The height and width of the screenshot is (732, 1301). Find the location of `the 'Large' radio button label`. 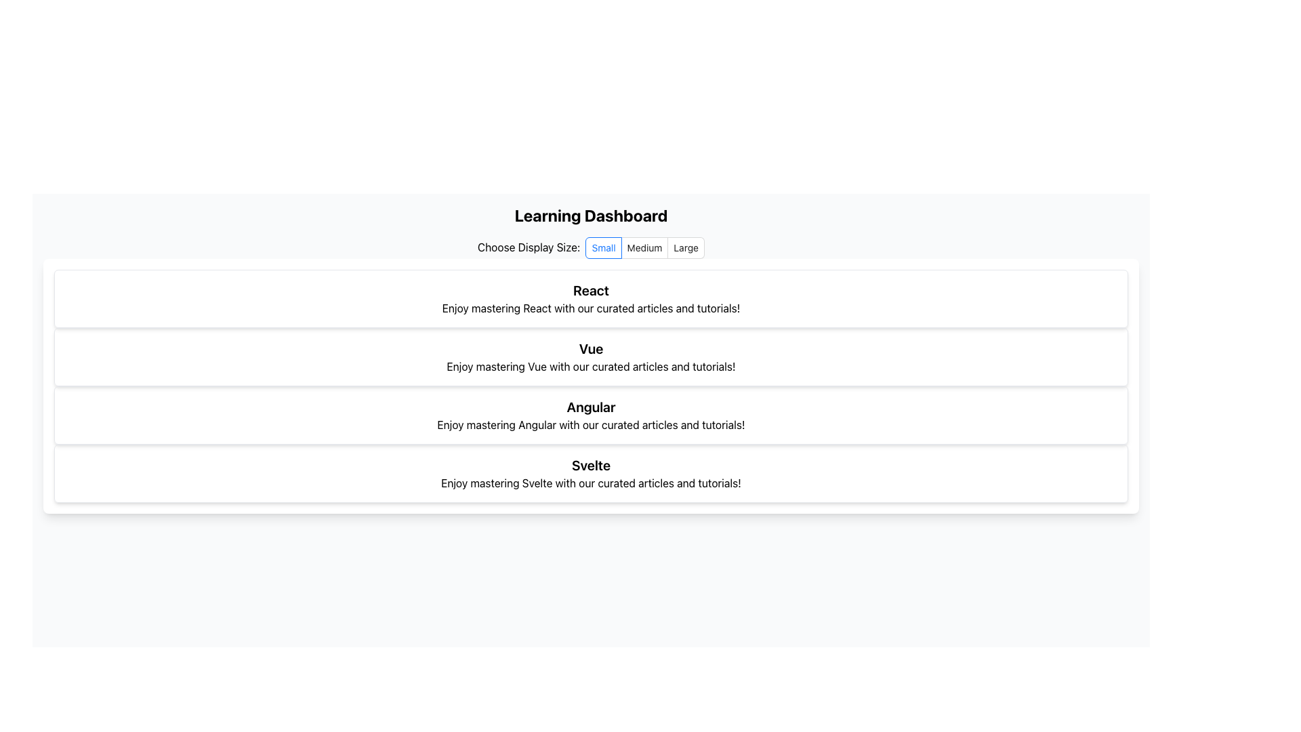

the 'Large' radio button label is located at coordinates (686, 247).